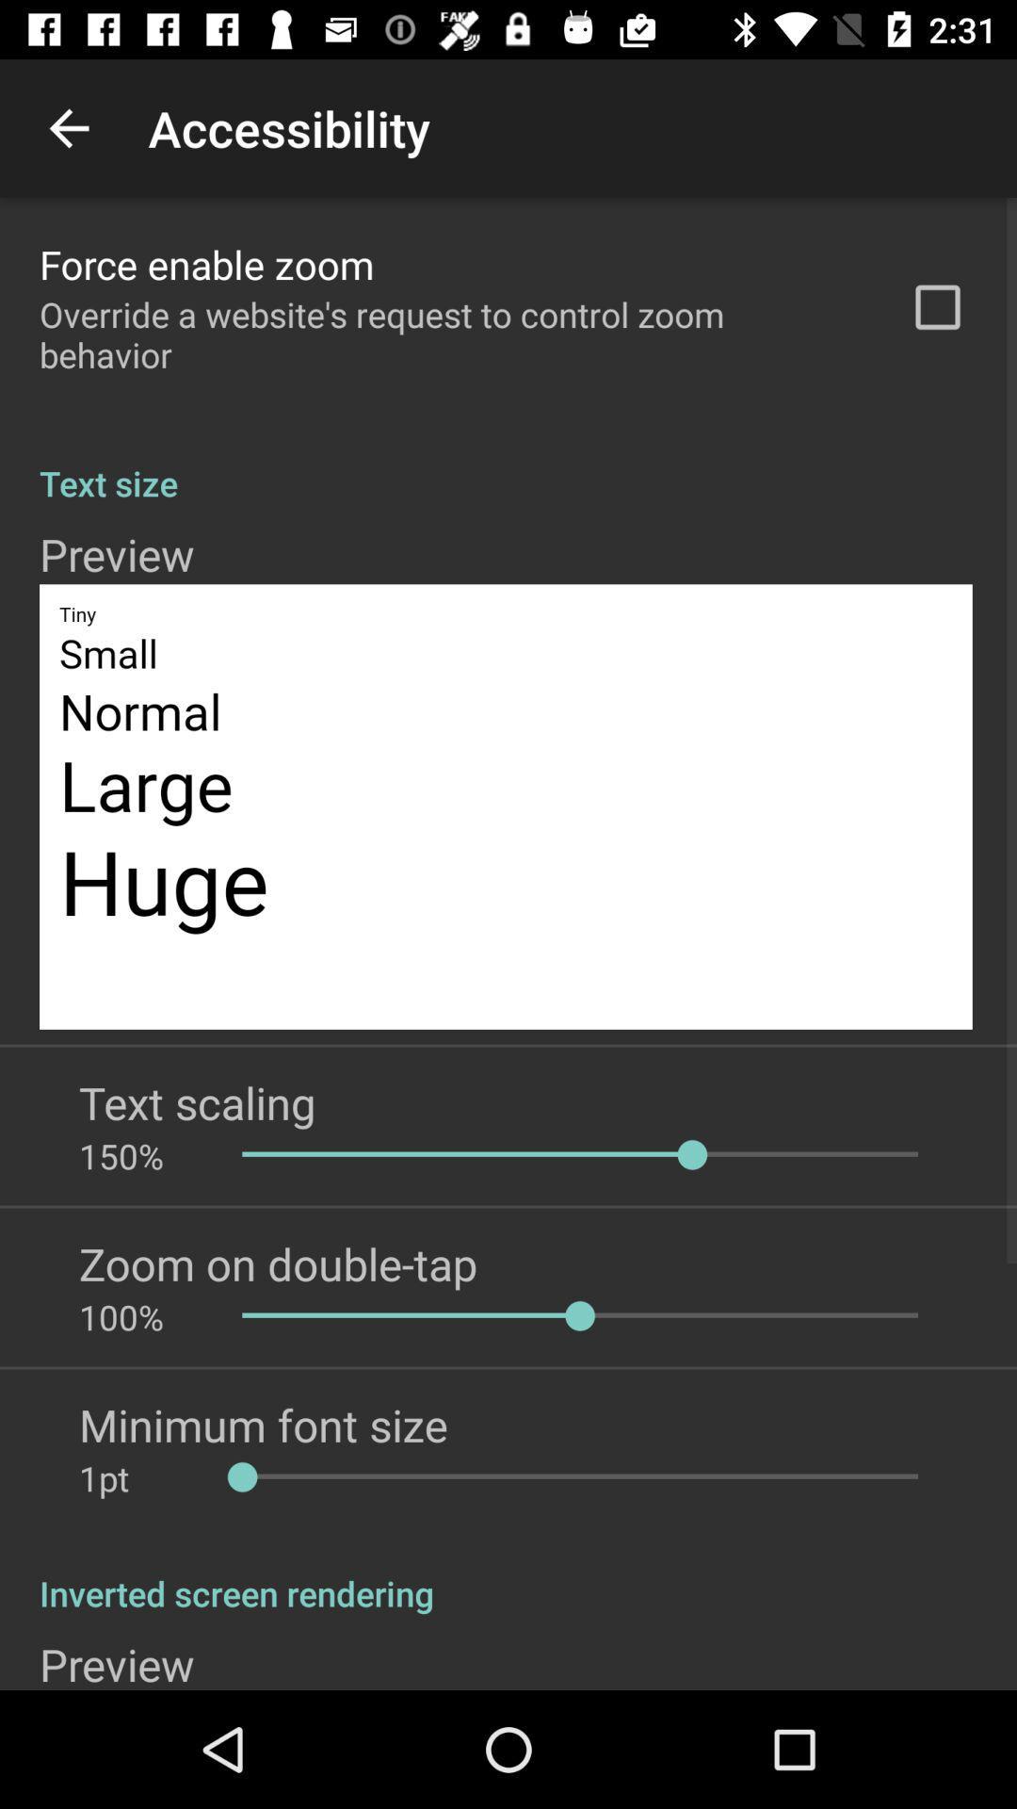  What do you see at coordinates (937, 307) in the screenshot?
I see `the check box` at bounding box center [937, 307].